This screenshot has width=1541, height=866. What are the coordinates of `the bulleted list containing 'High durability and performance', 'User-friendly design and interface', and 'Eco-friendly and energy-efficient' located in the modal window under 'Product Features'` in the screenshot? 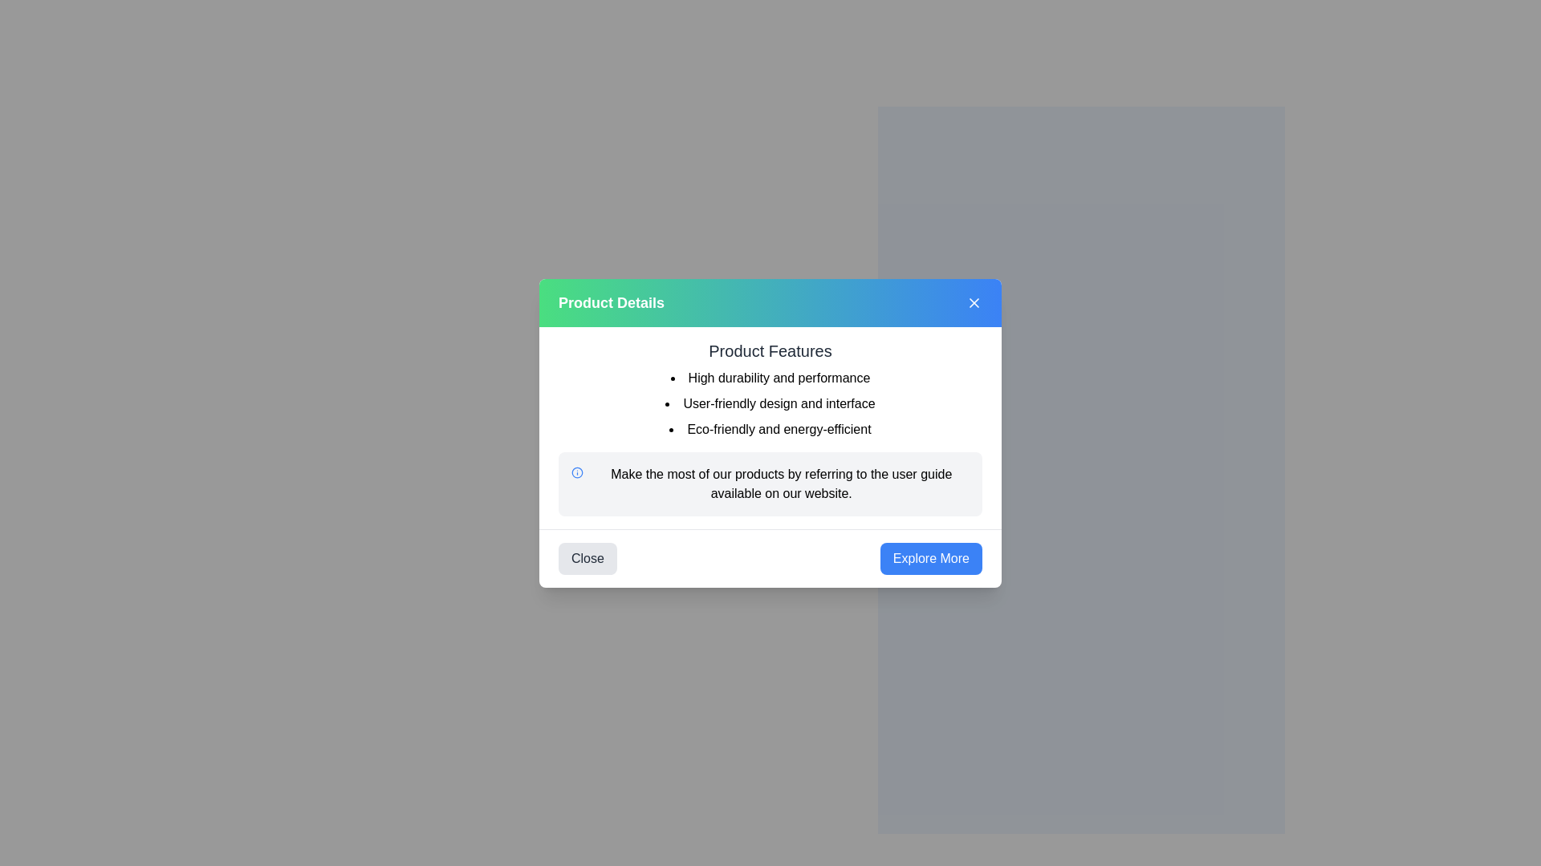 It's located at (770, 402).